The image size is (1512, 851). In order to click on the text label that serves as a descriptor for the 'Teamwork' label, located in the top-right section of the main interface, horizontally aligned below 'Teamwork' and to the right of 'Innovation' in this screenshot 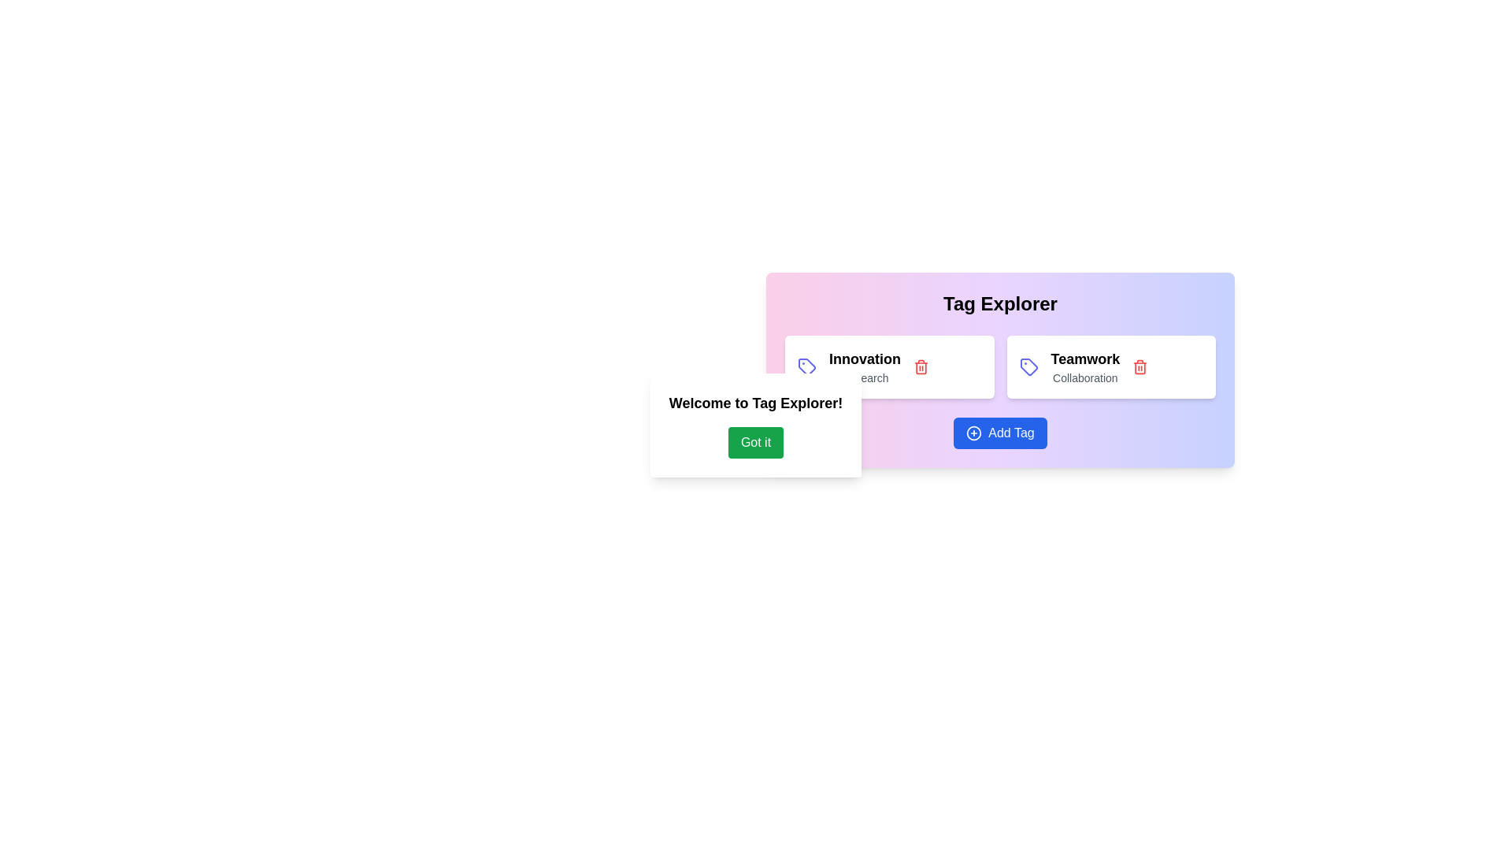, I will do `click(1084, 377)`.